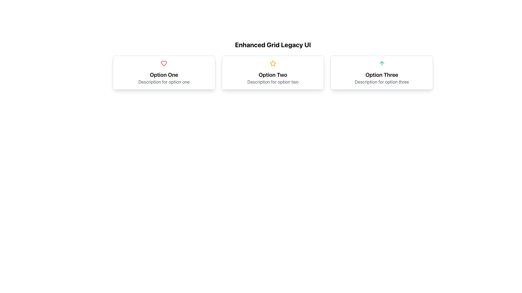  What do you see at coordinates (381, 63) in the screenshot?
I see `the decorative icon located at the top center of the 'Option Three' card, which symbolizes an 'up' or positive action` at bounding box center [381, 63].